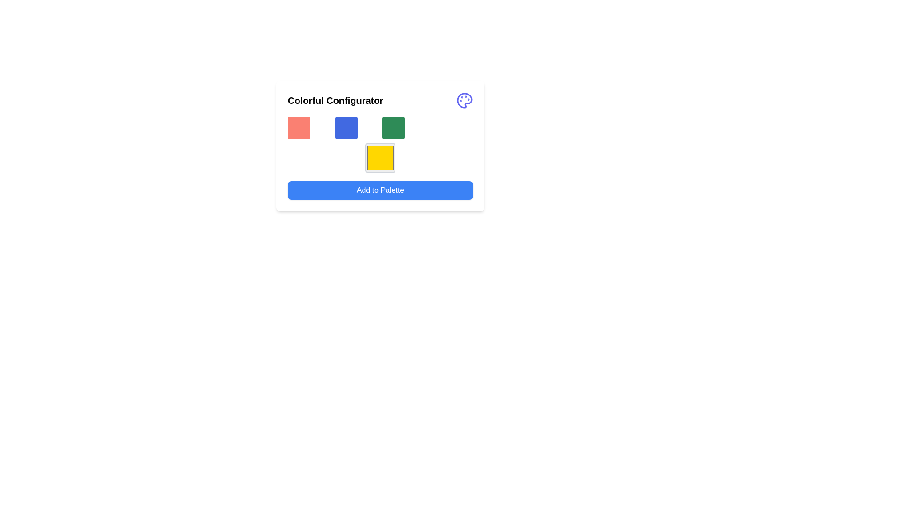 Image resolution: width=904 pixels, height=508 pixels. I want to click on the interactive color picker button, which is a large square-shaped button filled with yellow and bordered by a gray solid border, located below the smaller color buttons in the color palette, so click(380, 157).